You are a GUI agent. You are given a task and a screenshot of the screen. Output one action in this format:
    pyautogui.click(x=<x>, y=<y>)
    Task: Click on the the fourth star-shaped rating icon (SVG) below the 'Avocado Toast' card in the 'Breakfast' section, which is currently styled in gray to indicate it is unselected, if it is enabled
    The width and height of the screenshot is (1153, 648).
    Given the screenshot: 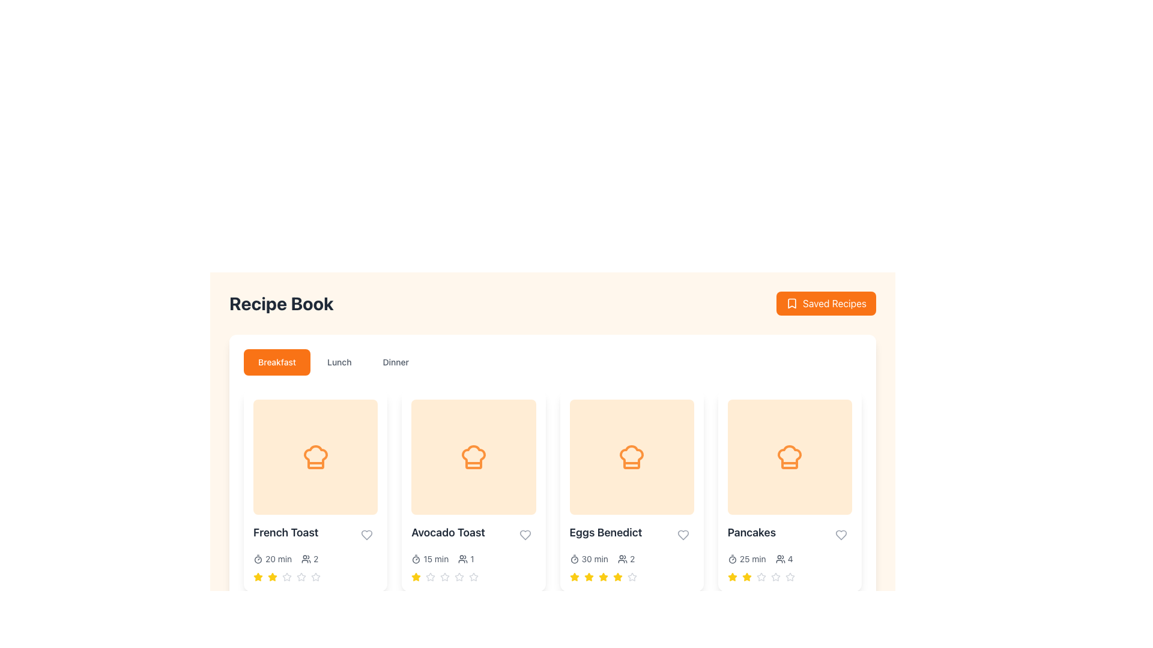 What is the action you would take?
    pyautogui.click(x=459, y=576)
    